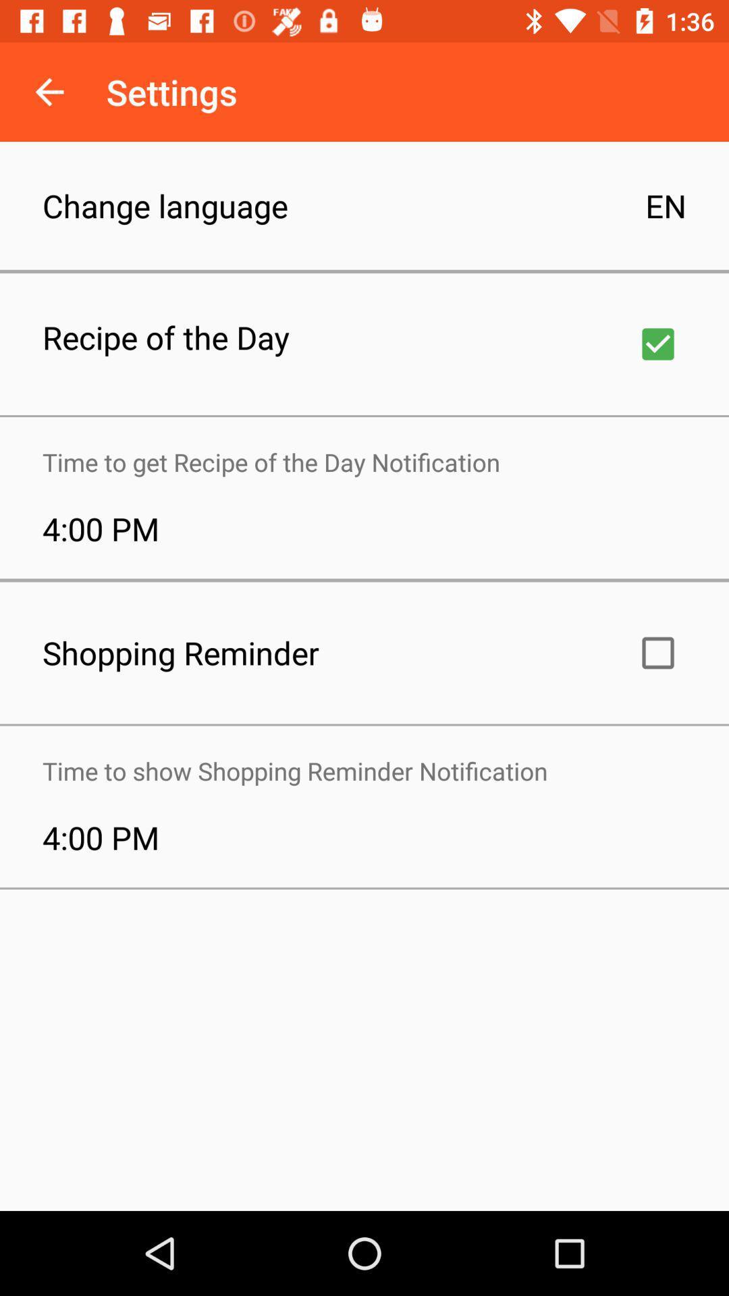  I want to click on item above the change language item, so click(49, 91).